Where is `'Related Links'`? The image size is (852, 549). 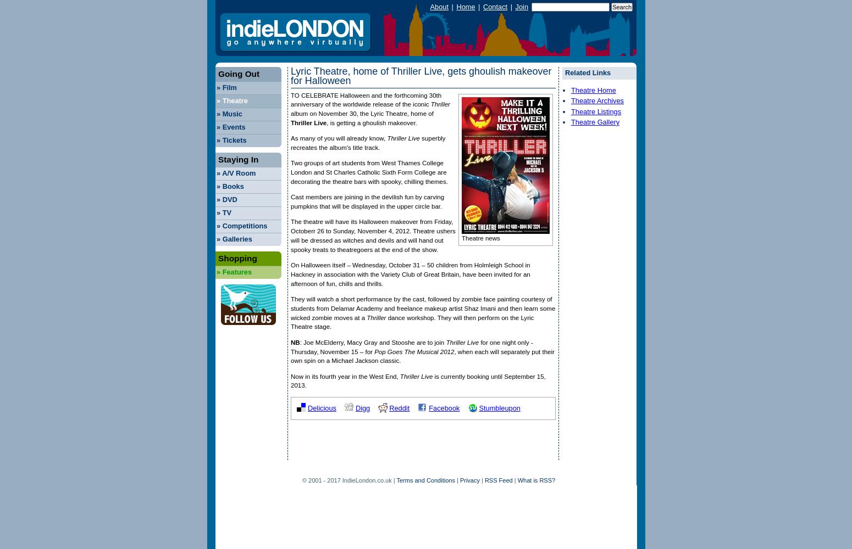
'Related Links' is located at coordinates (565, 72).